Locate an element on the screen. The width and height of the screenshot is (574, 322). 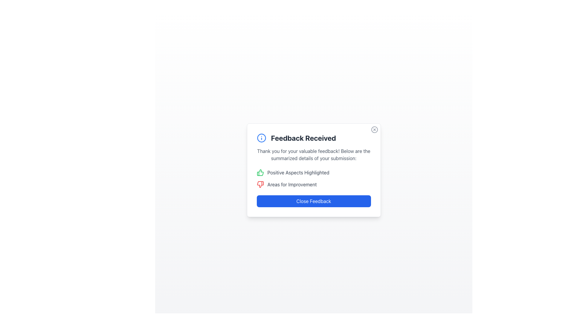
the Label with Icon that has a green thumbs-up icon and the text 'Positive Aspects Highlighted' in gray, located in the upper part of the feedback modal is located at coordinates (313, 172).